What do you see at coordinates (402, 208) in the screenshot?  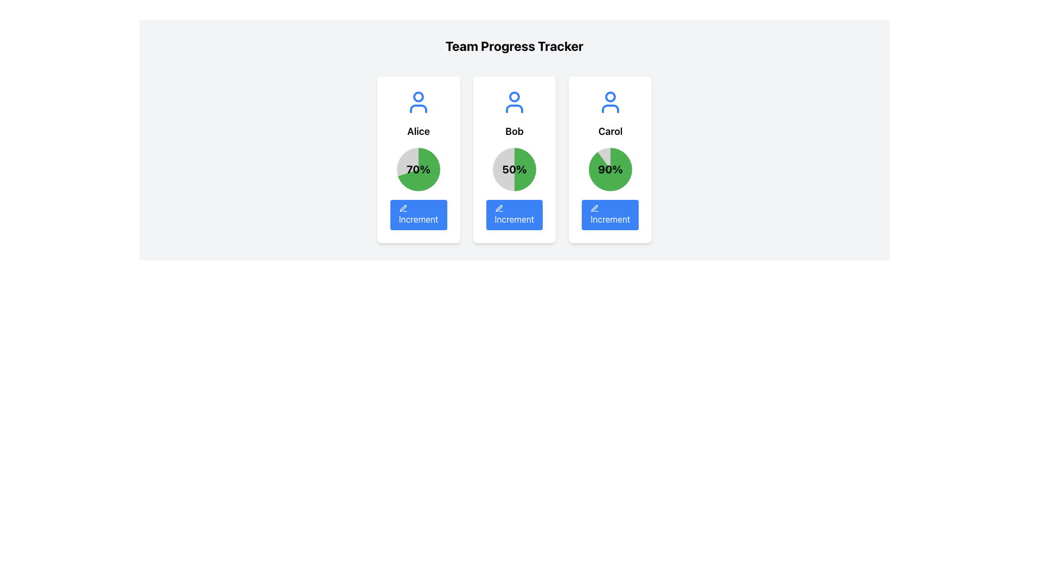 I see `the pen-shaped icon representing an edit action located in the leftmost card labeled 'Alice', below the circular progress indicator and beside the 'Increment' button` at bounding box center [402, 208].